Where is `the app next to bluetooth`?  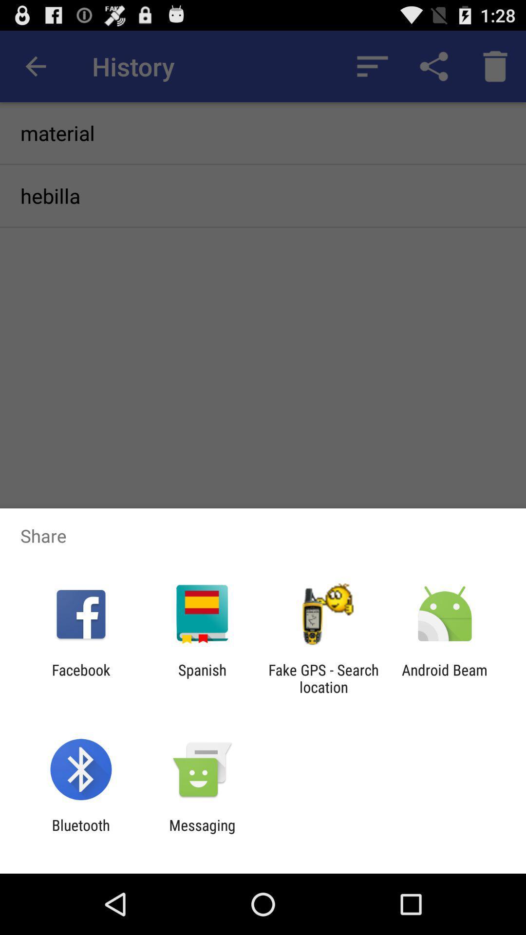
the app next to bluetooth is located at coordinates (202, 833).